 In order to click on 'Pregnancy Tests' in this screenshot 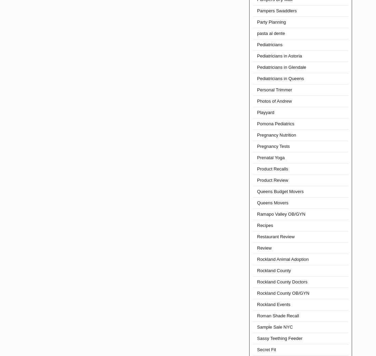, I will do `click(273, 146)`.